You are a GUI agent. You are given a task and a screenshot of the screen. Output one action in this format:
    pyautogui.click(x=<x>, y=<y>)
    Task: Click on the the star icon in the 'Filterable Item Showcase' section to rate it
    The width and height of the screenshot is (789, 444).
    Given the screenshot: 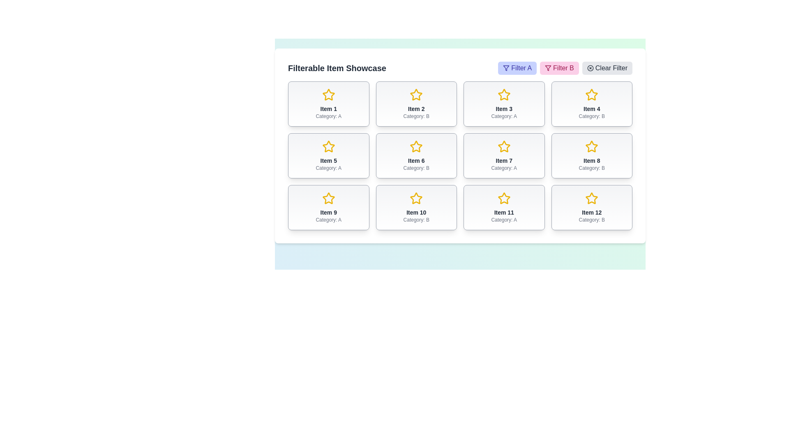 What is the action you would take?
    pyautogui.click(x=503, y=146)
    